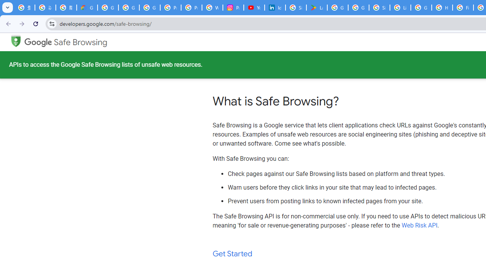 Image resolution: width=486 pixels, height=273 pixels. I want to click on 'Google Safe Browsing', so click(66, 42).